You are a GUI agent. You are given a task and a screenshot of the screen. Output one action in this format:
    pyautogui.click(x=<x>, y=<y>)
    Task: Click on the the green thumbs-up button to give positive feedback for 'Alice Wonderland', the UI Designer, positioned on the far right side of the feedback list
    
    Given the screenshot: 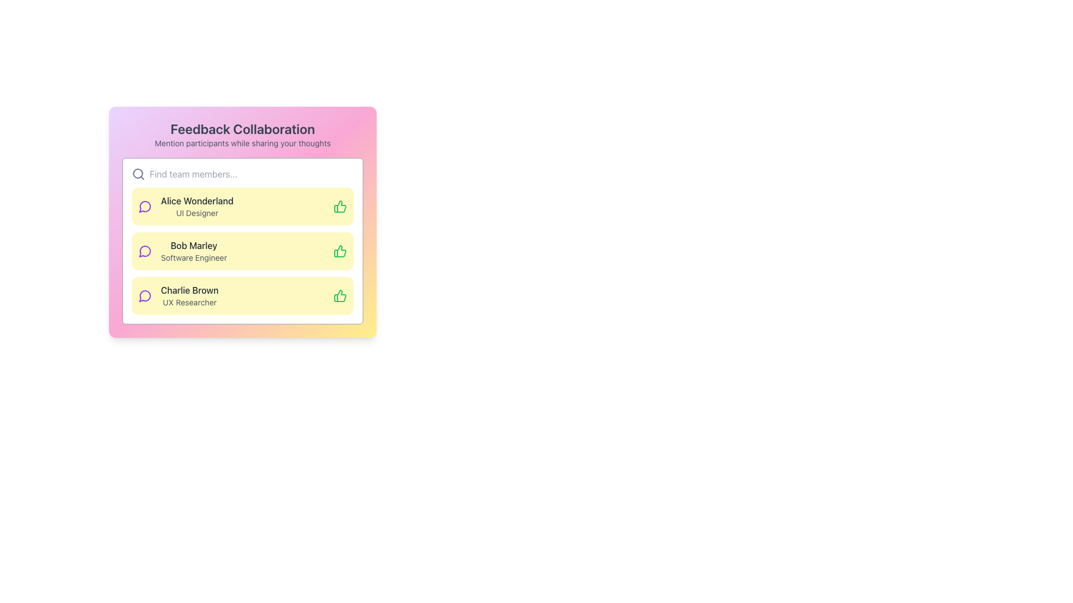 What is the action you would take?
    pyautogui.click(x=340, y=207)
    